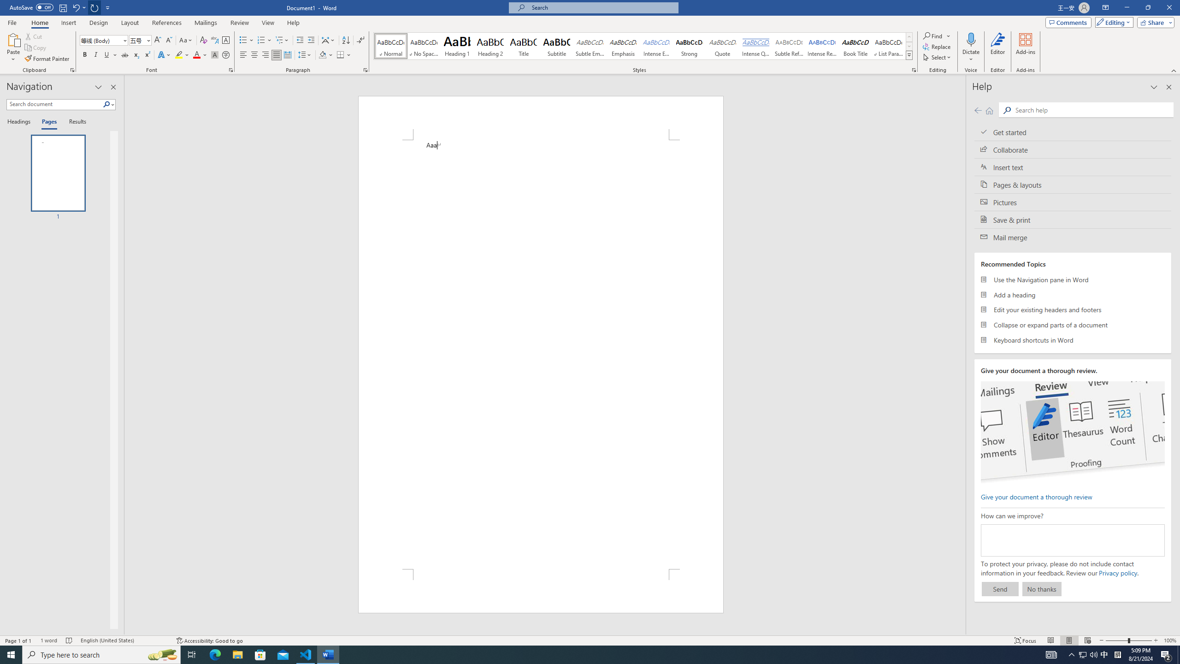 This screenshot has width=1180, height=664. What do you see at coordinates (265, 54) in the screenshot?
I see `'Align Right'` at bounding box center [265, 54].